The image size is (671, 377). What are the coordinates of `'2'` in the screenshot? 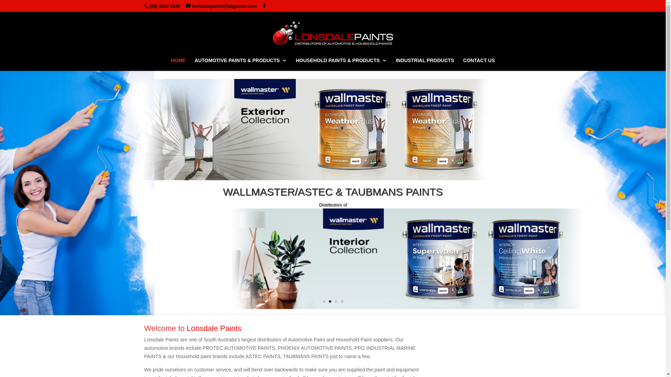 It's located at (329, 301).